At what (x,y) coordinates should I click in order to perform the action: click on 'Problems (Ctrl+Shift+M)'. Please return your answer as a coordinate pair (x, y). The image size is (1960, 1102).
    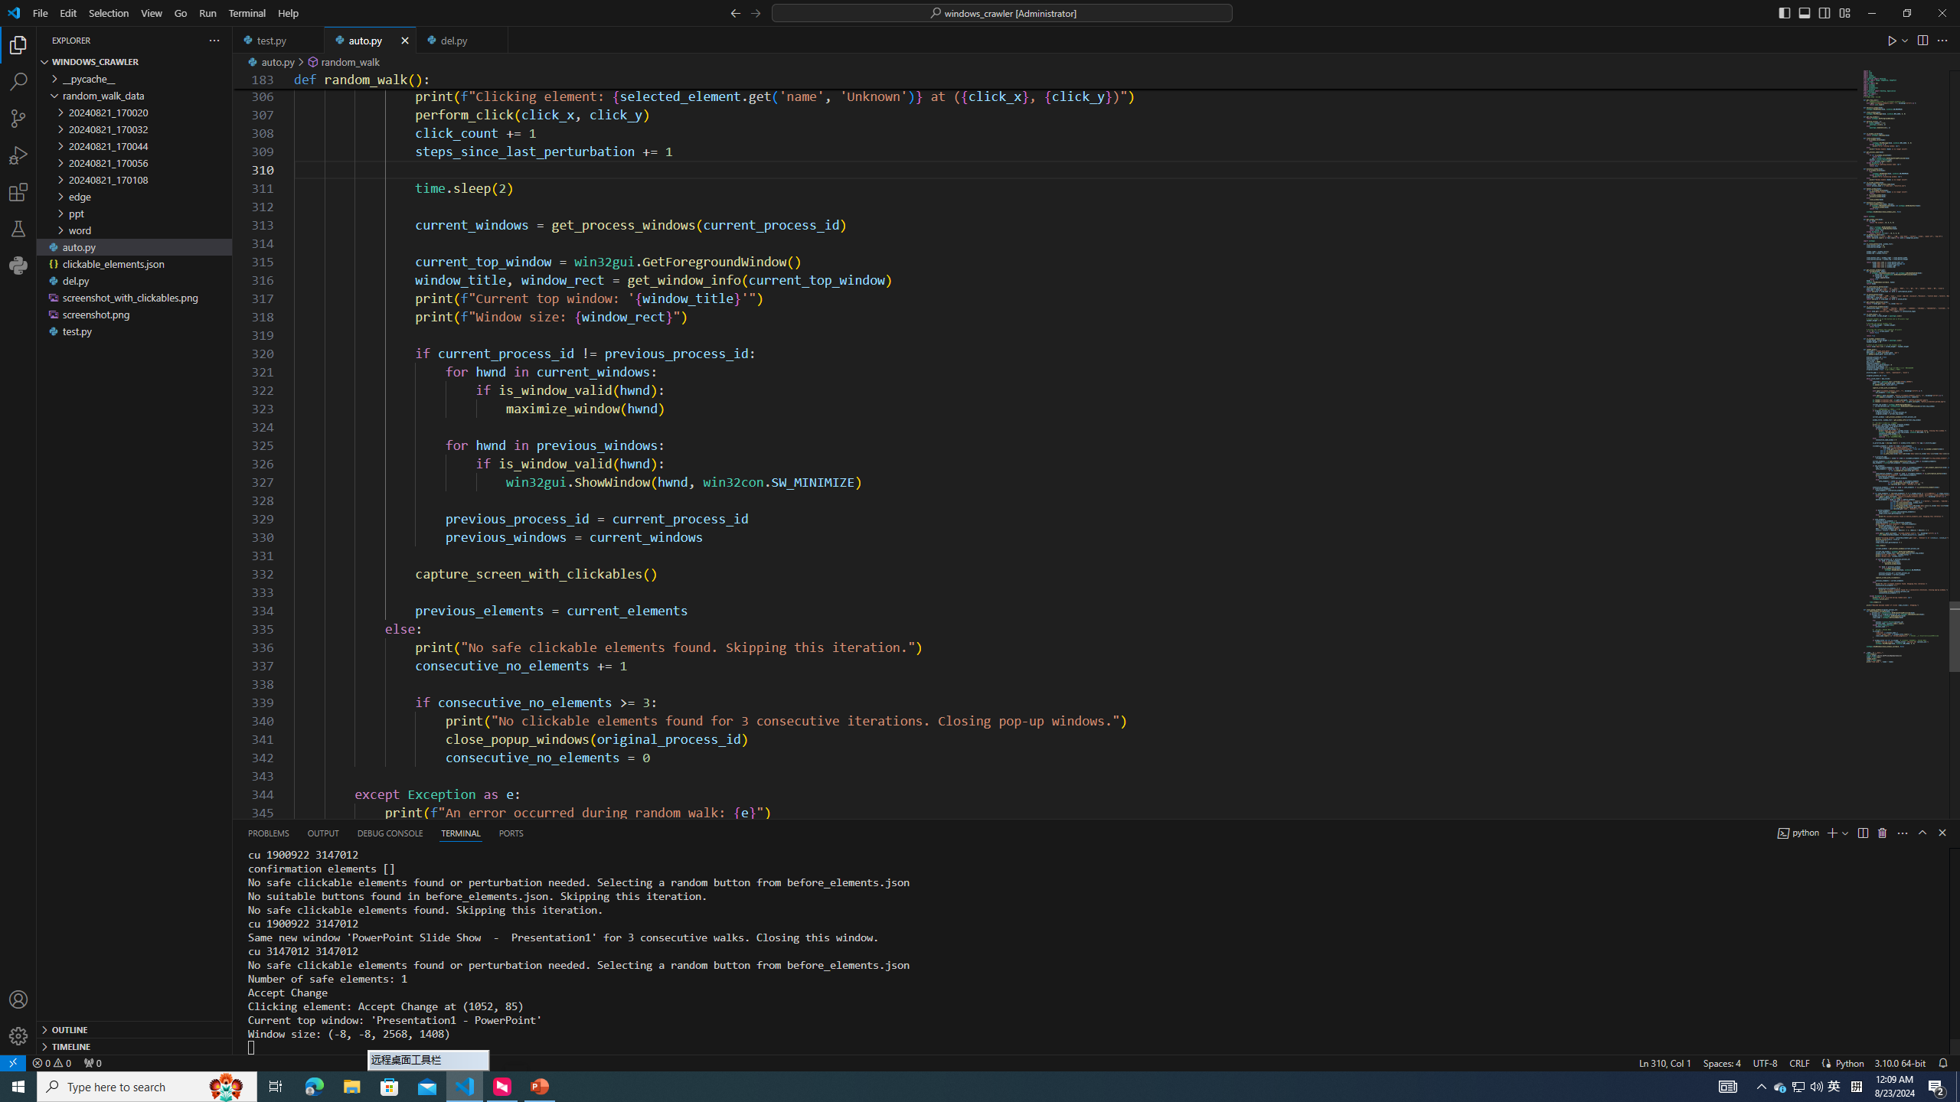
    Looking at the image, I should click on (268, 832).